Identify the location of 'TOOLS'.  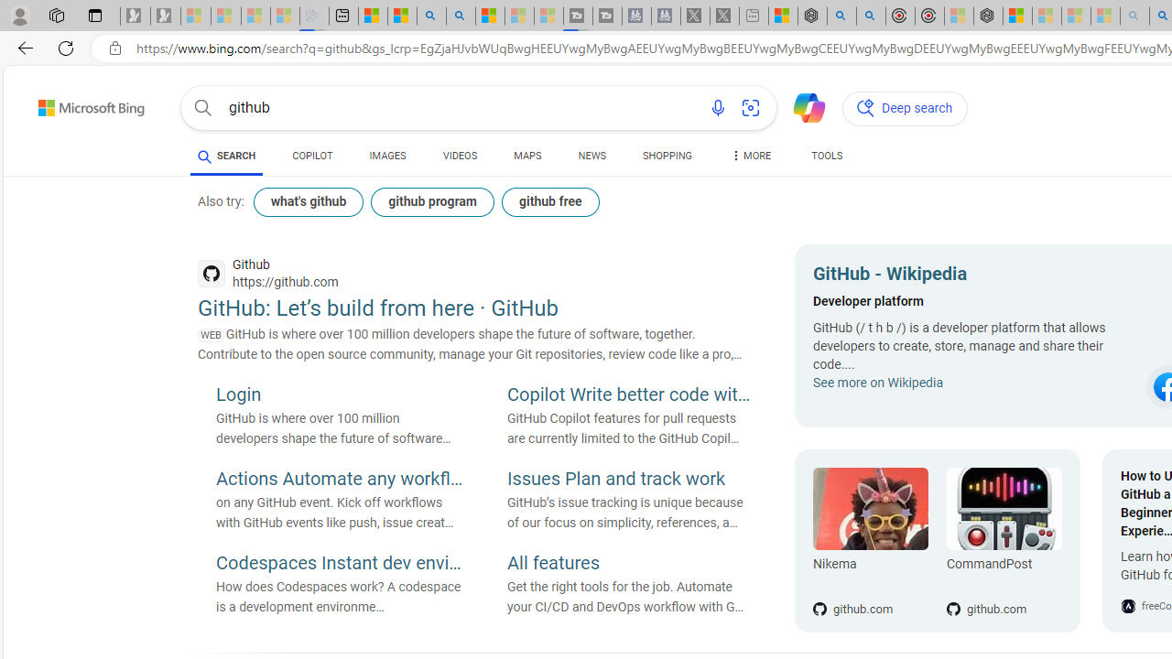
(826, 157).